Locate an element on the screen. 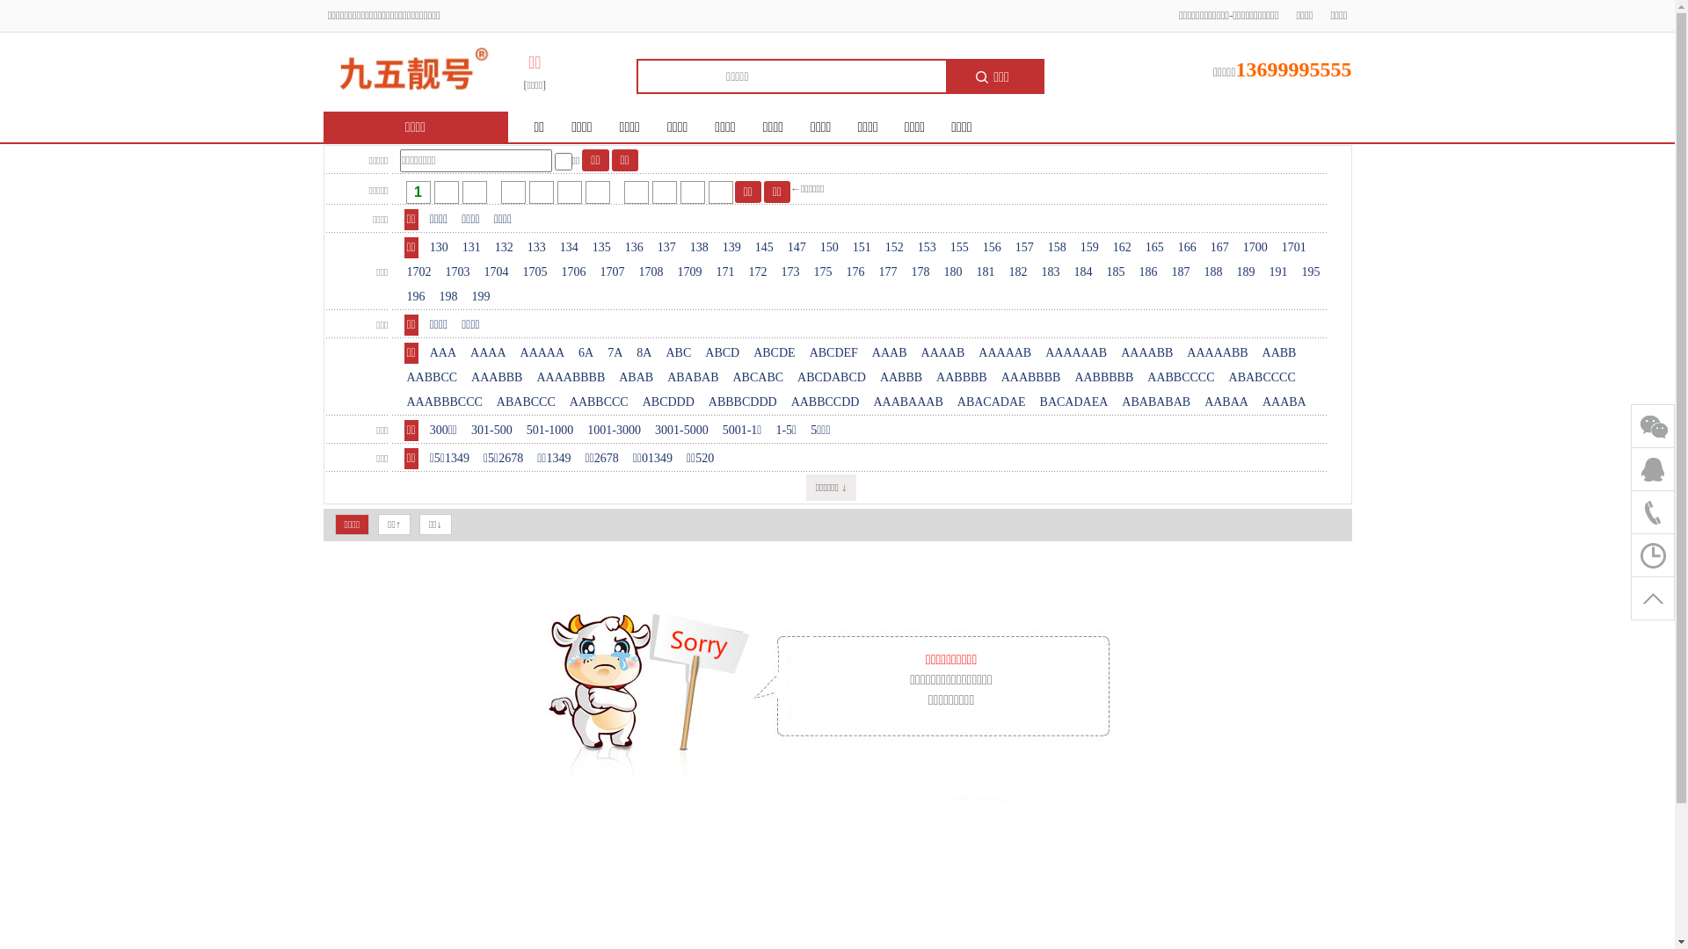  '199' is located at coordinates (481, 296).